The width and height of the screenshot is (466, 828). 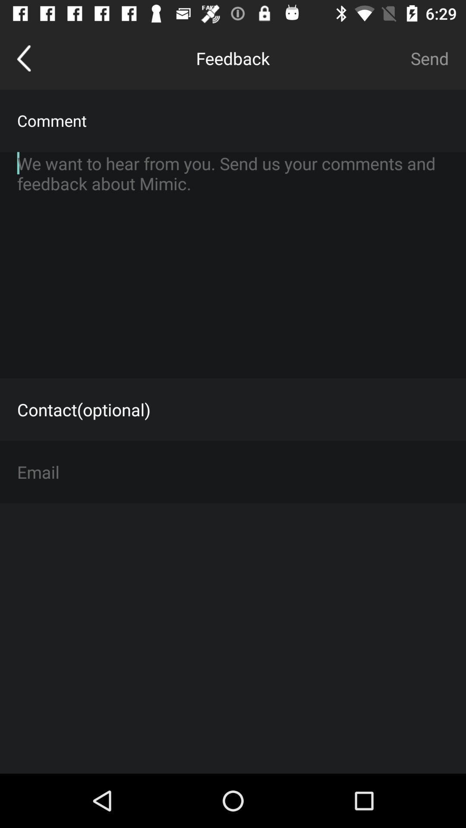 I want to click on previous, so click(x=23, y=58).